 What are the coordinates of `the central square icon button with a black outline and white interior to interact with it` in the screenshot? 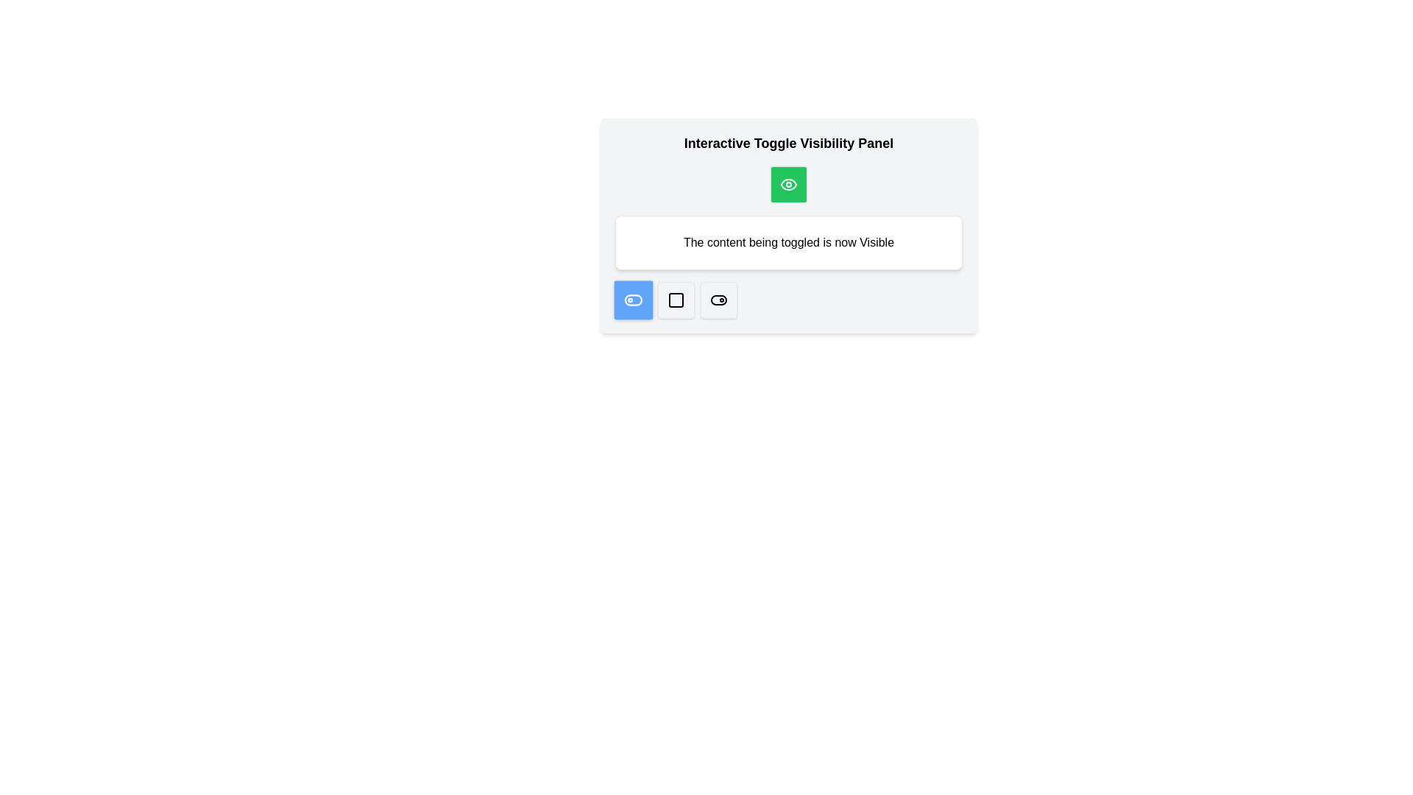 It's located at (675, 300).